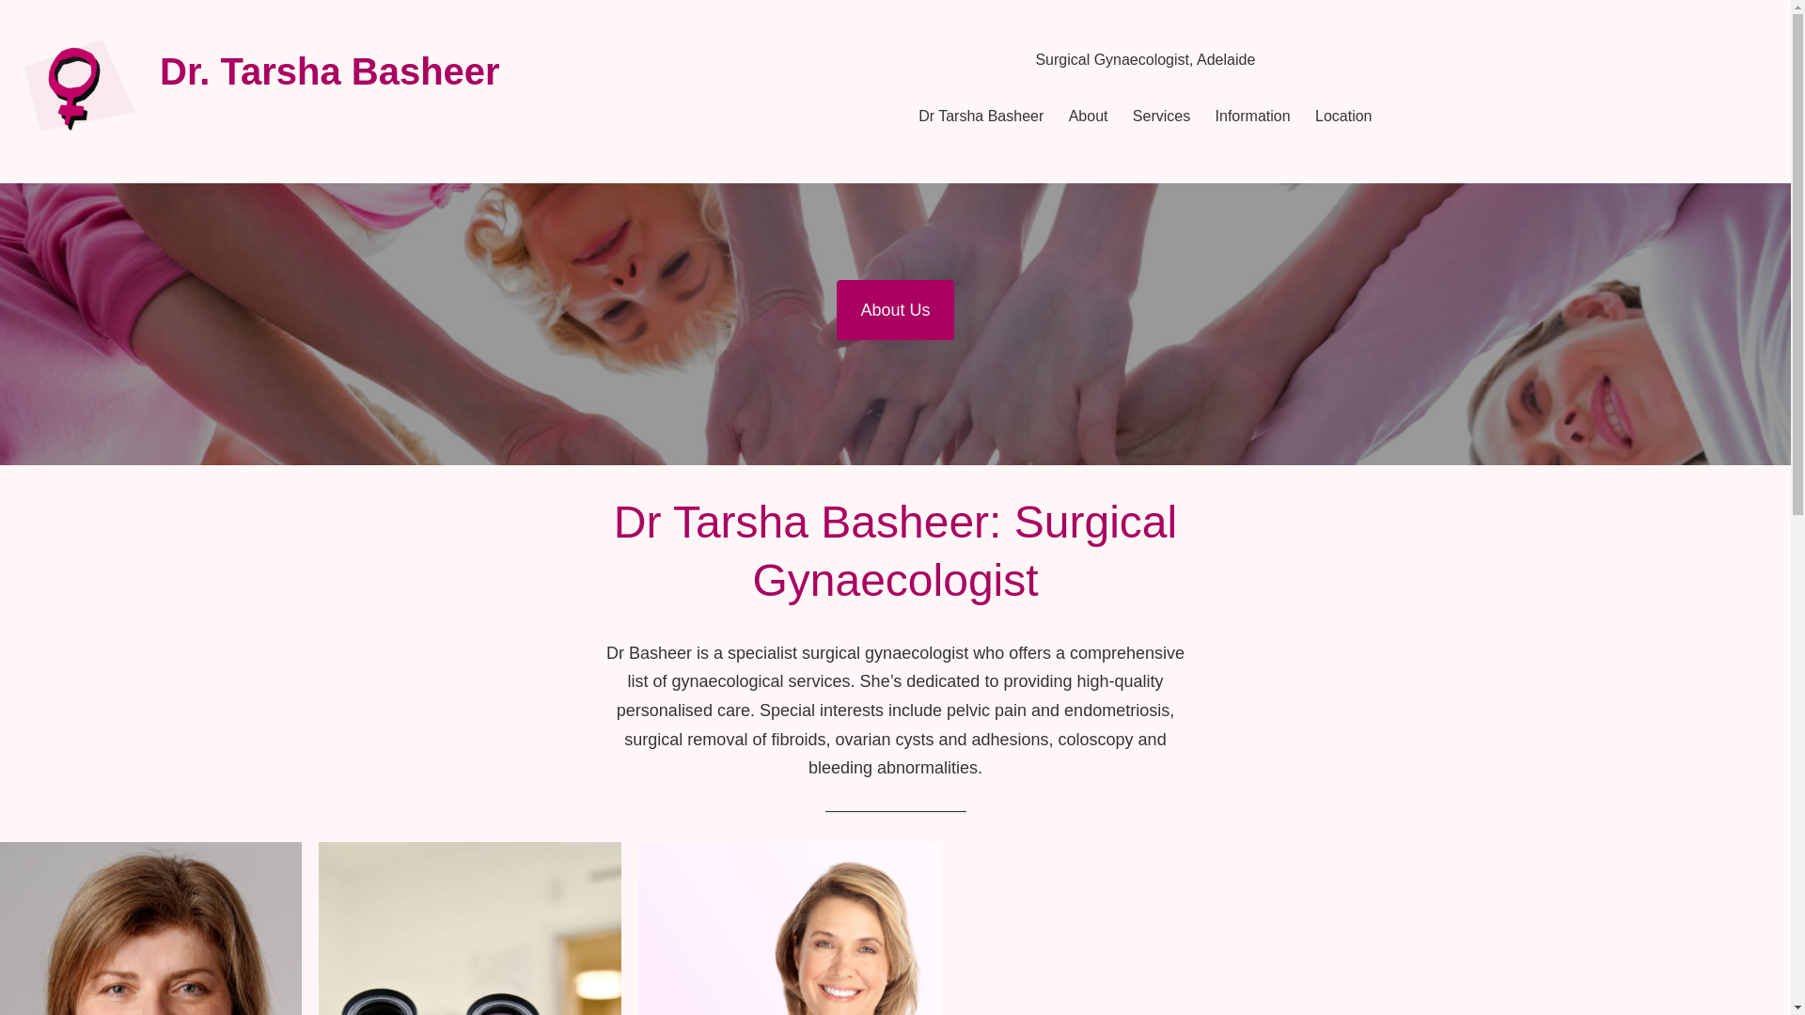 The width and height of the screenshot is (1805, 1015). Describe the element at coordinates (1088, 116) in the screenshot. I see `'About'` at that location.